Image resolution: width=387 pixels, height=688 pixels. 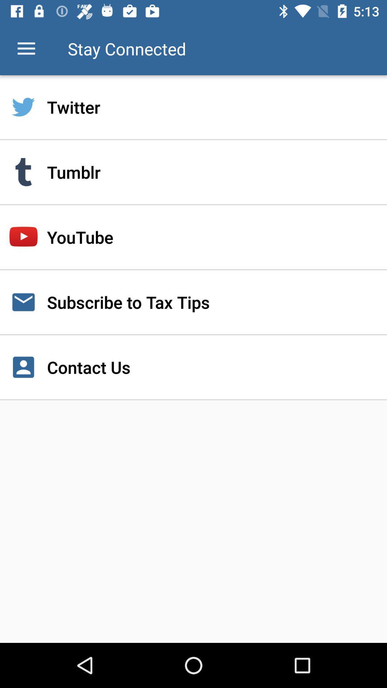 What do you see at coordinates (193, 367) in the screenshot?
I see `the contact us icon` at bounding box center [193, 367].